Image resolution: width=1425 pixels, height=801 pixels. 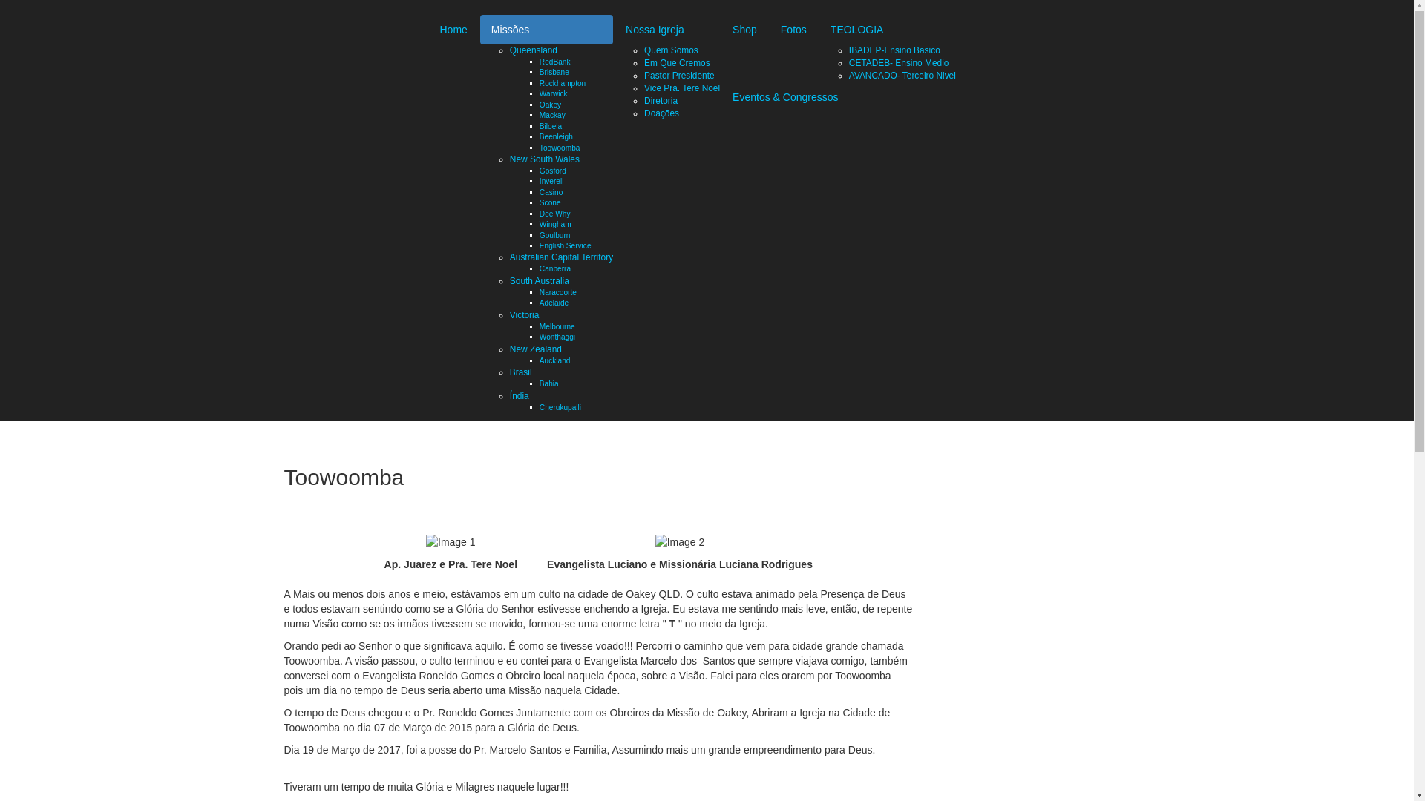 I want to click on 'Queensland', so click(x=534, y=50).